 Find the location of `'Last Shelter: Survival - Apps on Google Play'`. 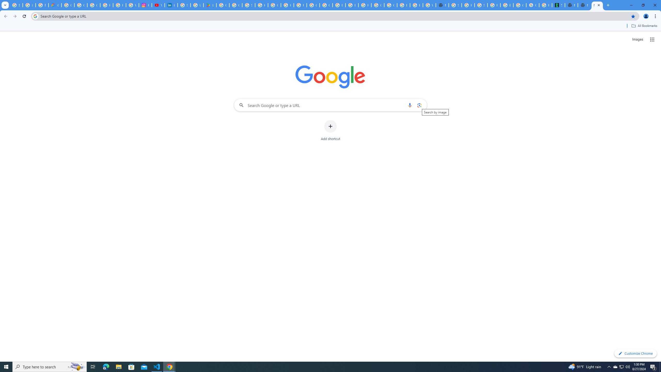

'Last Shelter: Survival - Apps on Google Play' is located at coordinates (209, 5).